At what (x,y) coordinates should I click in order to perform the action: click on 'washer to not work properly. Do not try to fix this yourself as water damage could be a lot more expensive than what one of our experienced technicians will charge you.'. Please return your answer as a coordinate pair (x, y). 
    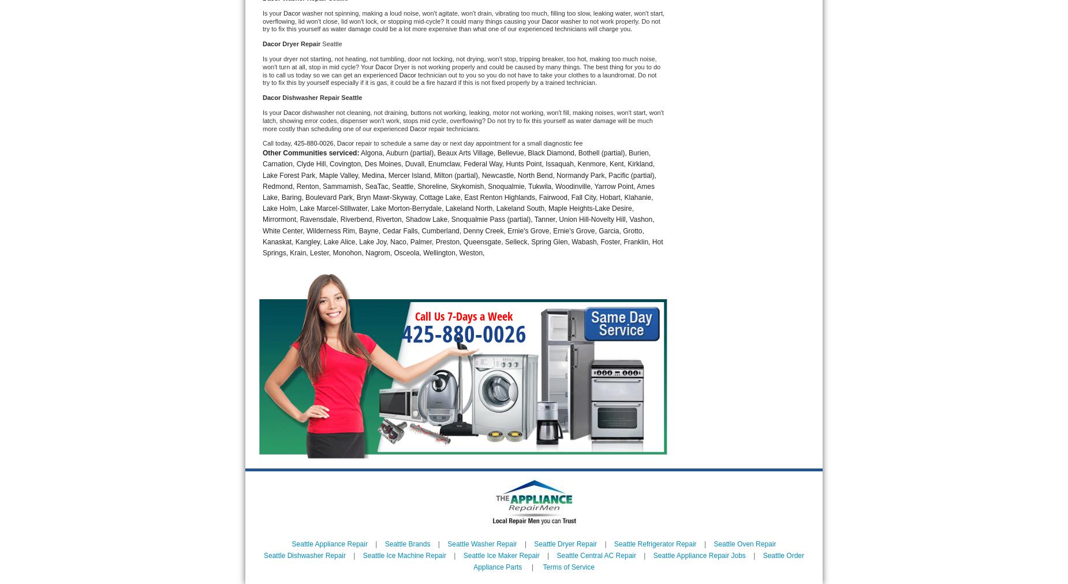
    Looking at the image, I should click on (462, 24).